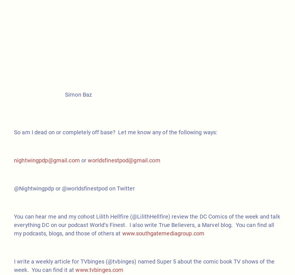 Image resolution: width=295 pixels, height=275 pixels. I want to click on 'www.southgatemediagroup.com', so click(163, 233).